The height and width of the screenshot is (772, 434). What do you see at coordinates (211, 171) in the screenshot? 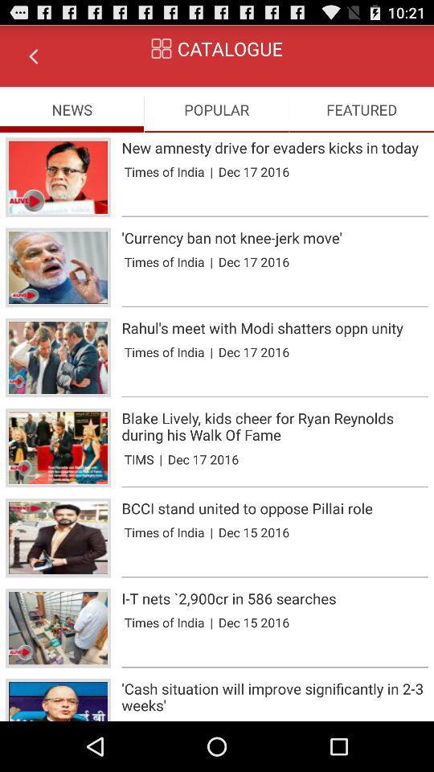
I see `the app to the left of dec 17 2016` at bounding box center [211, 171].